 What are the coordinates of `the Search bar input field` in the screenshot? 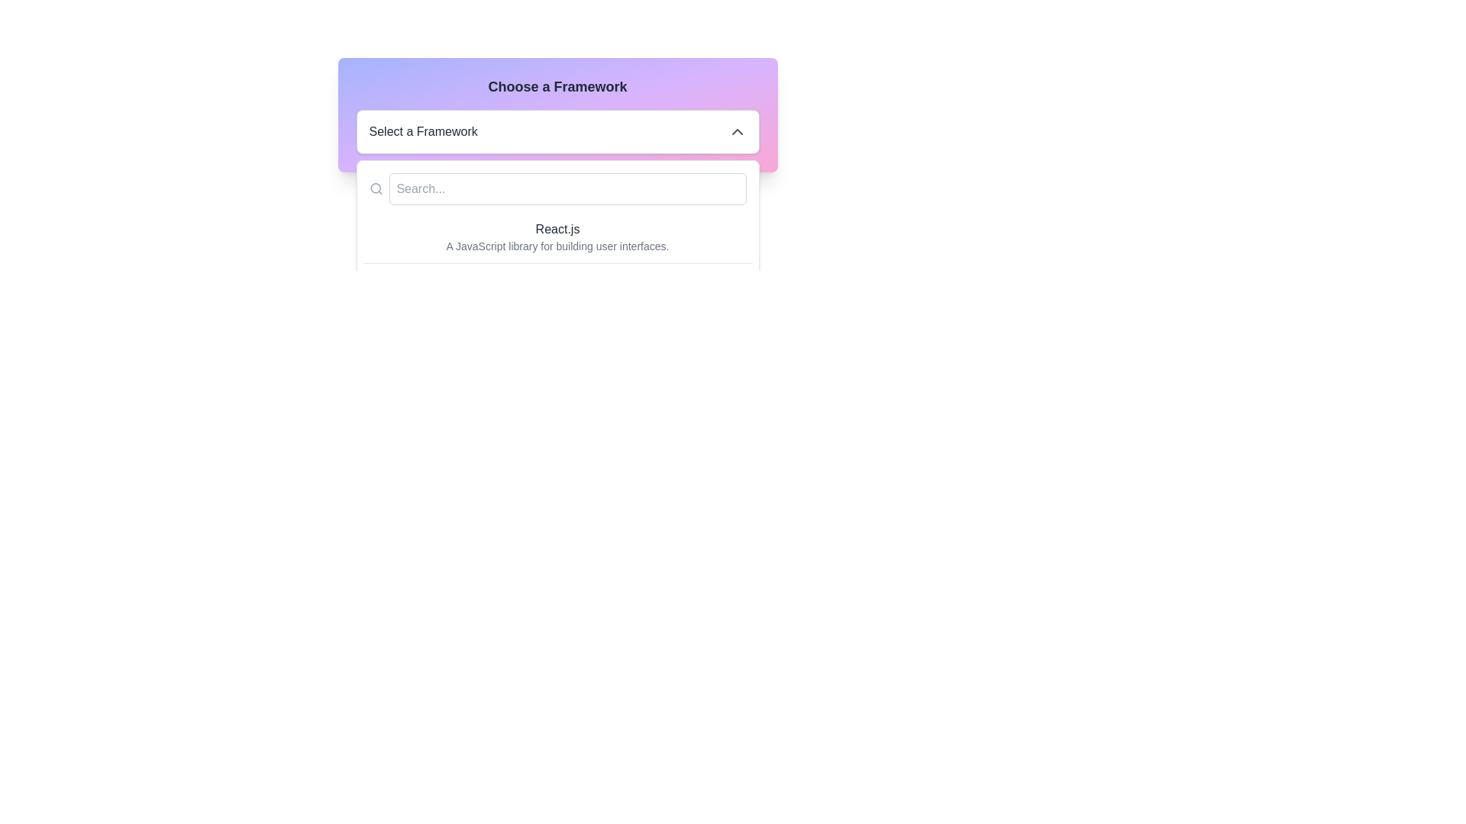 It's located at (557, 188).